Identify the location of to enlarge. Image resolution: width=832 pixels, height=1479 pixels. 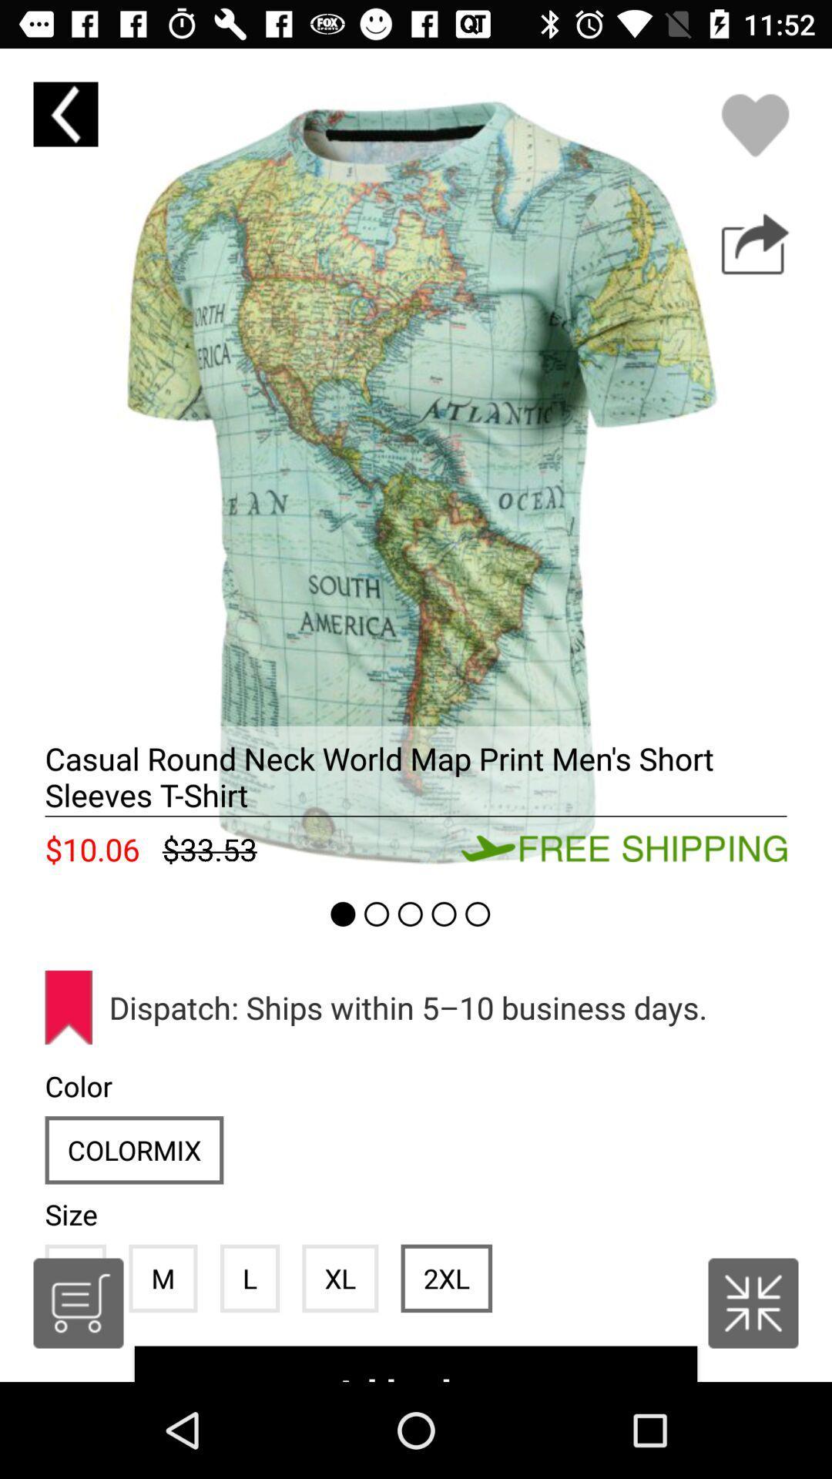
(753, 1303).